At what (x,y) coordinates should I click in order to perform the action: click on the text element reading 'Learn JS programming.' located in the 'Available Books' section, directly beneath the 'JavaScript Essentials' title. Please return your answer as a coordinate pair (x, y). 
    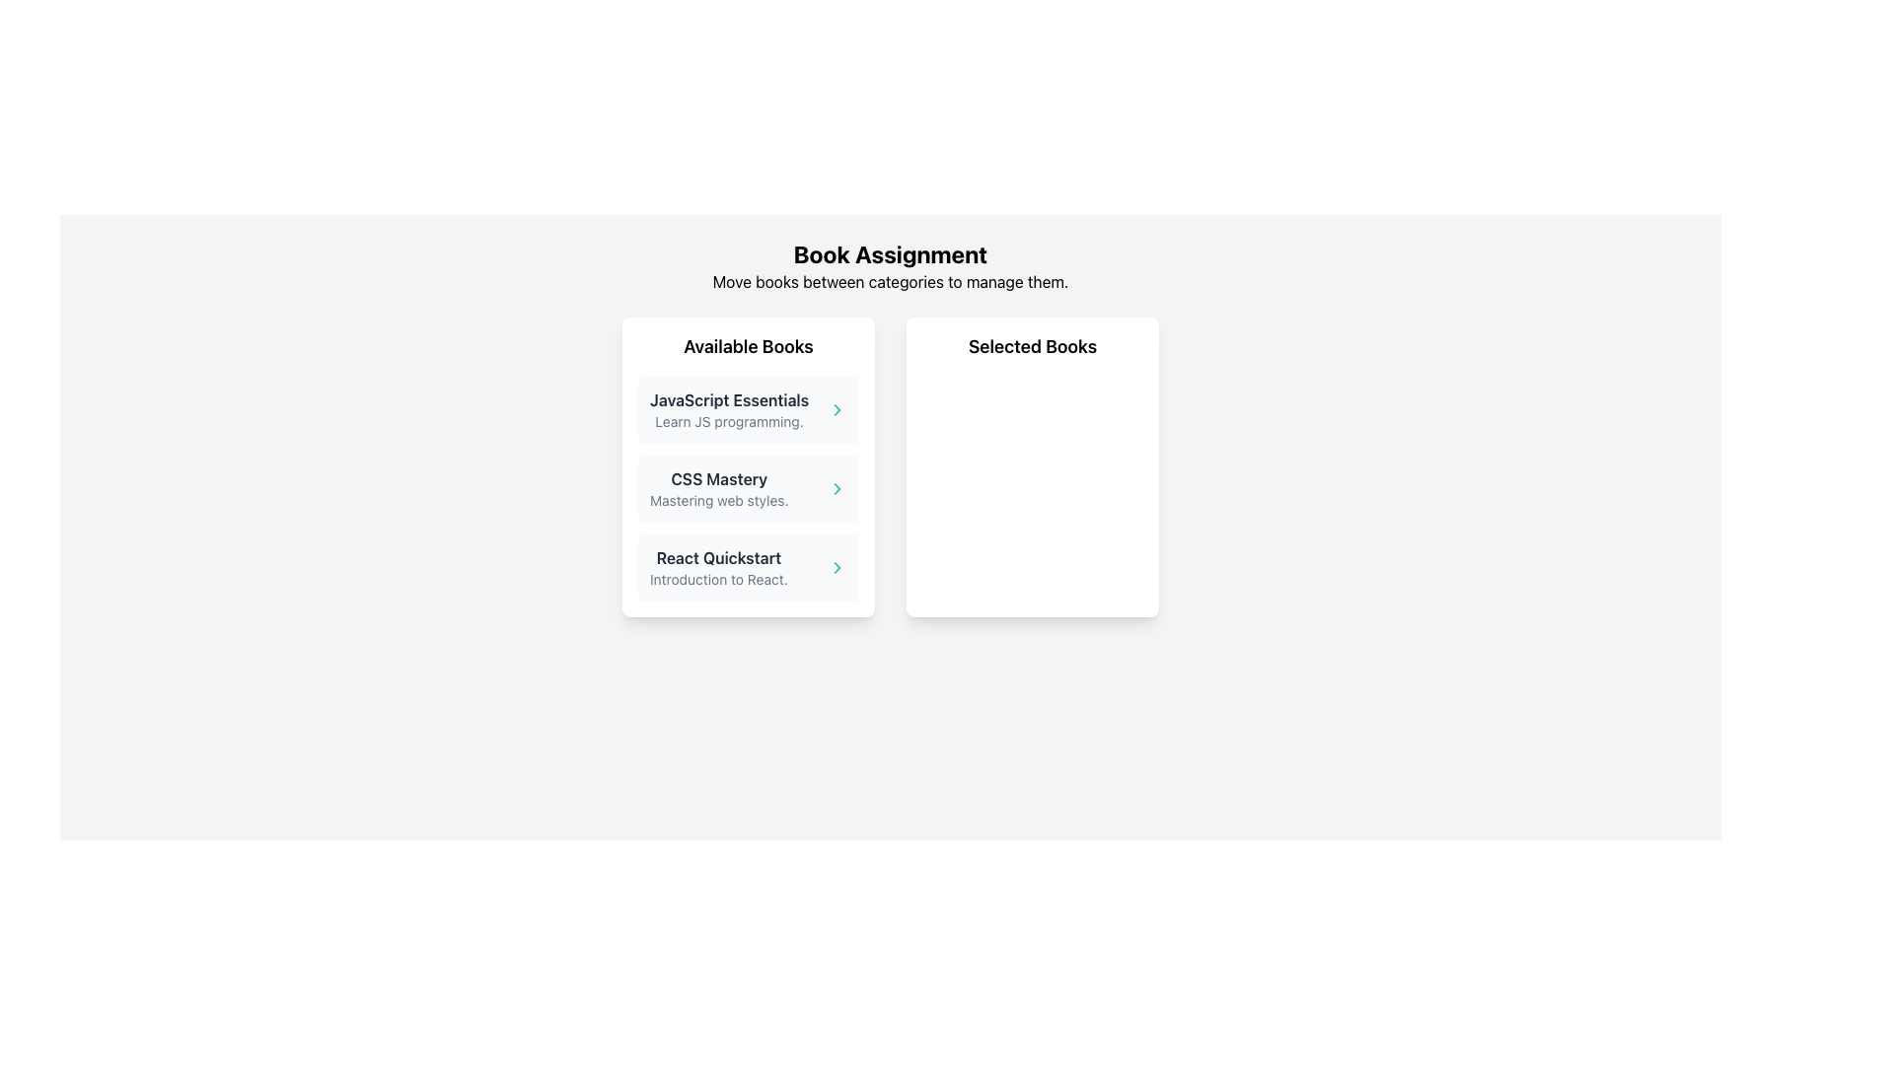
    Looking at the image, I should click on (728, 421).